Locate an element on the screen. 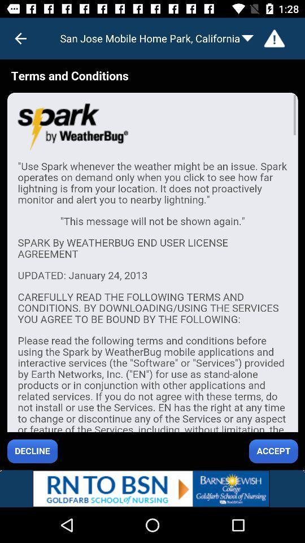 The image size is (305, 543). advertisement is located at coordinates (152, 488).